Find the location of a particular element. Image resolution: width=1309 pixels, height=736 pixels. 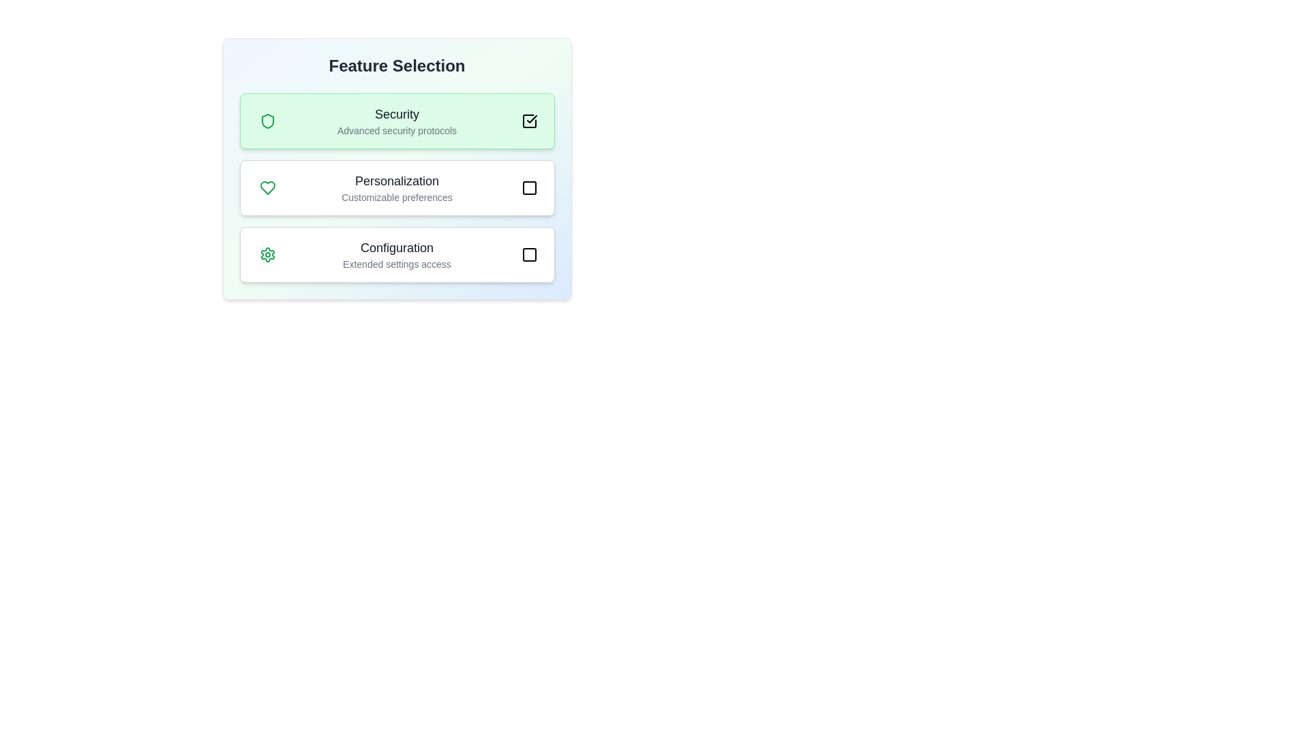

the text label reading 'Advanced security protocols', which is styled with a smaller font size and gray color, positioned centrally below the title 'Security' is located at coordinates (396, 131).